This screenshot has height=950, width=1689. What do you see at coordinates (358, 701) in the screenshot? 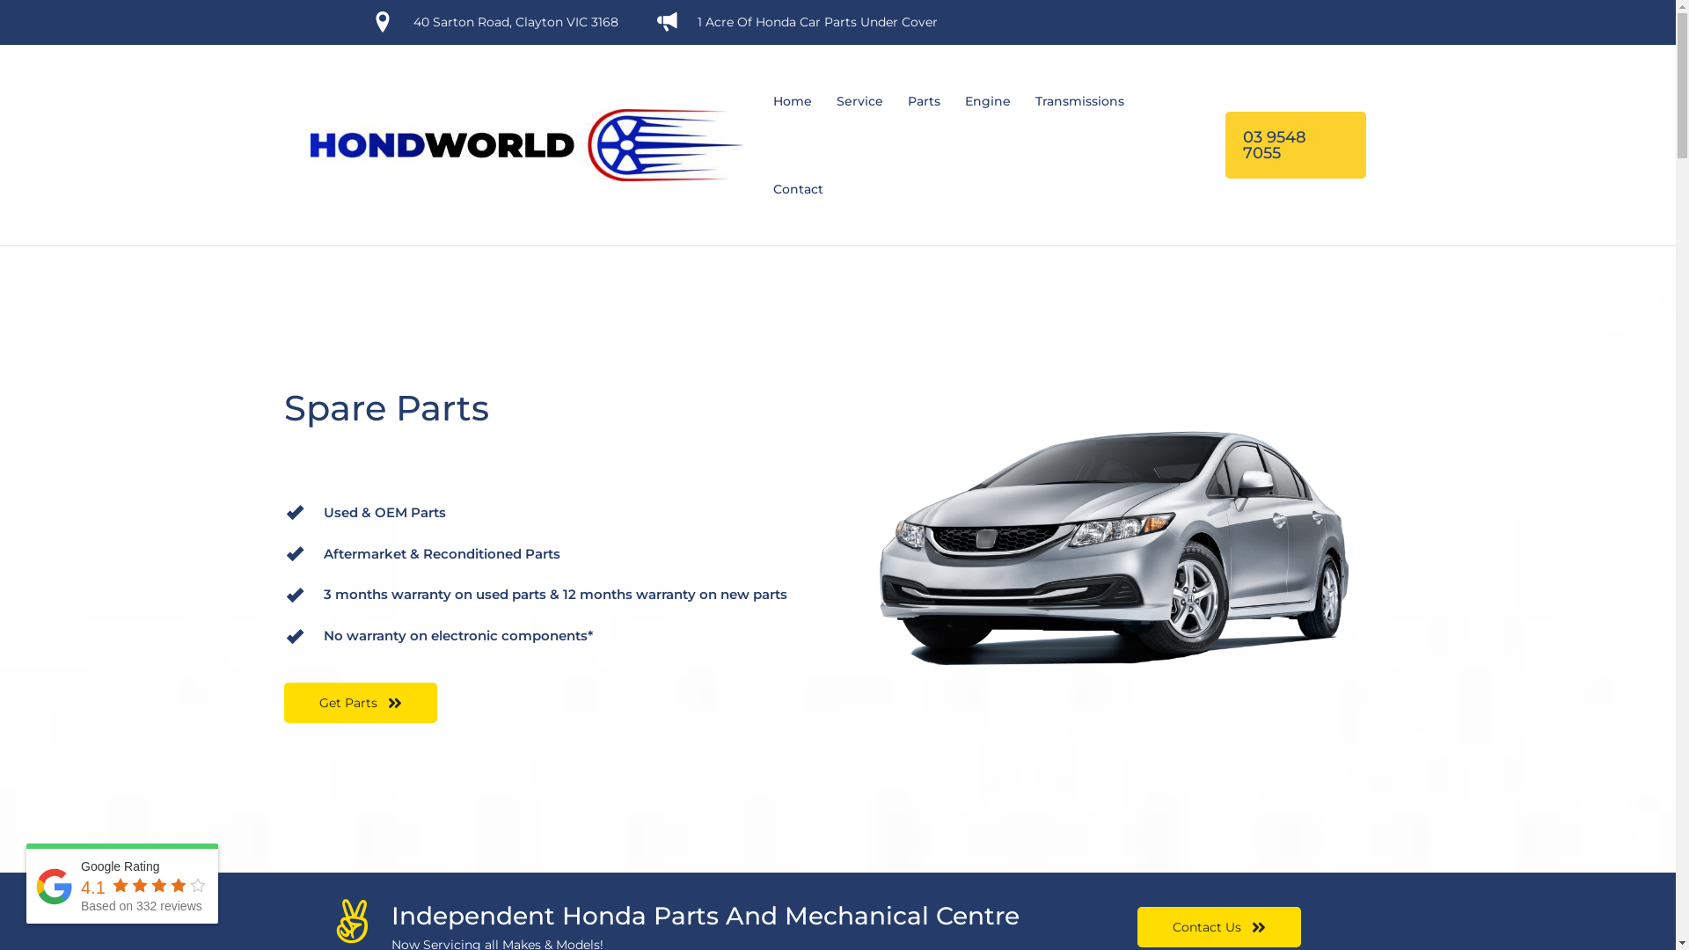
I see `'Get Parts'` at bounding box center [358, 701].